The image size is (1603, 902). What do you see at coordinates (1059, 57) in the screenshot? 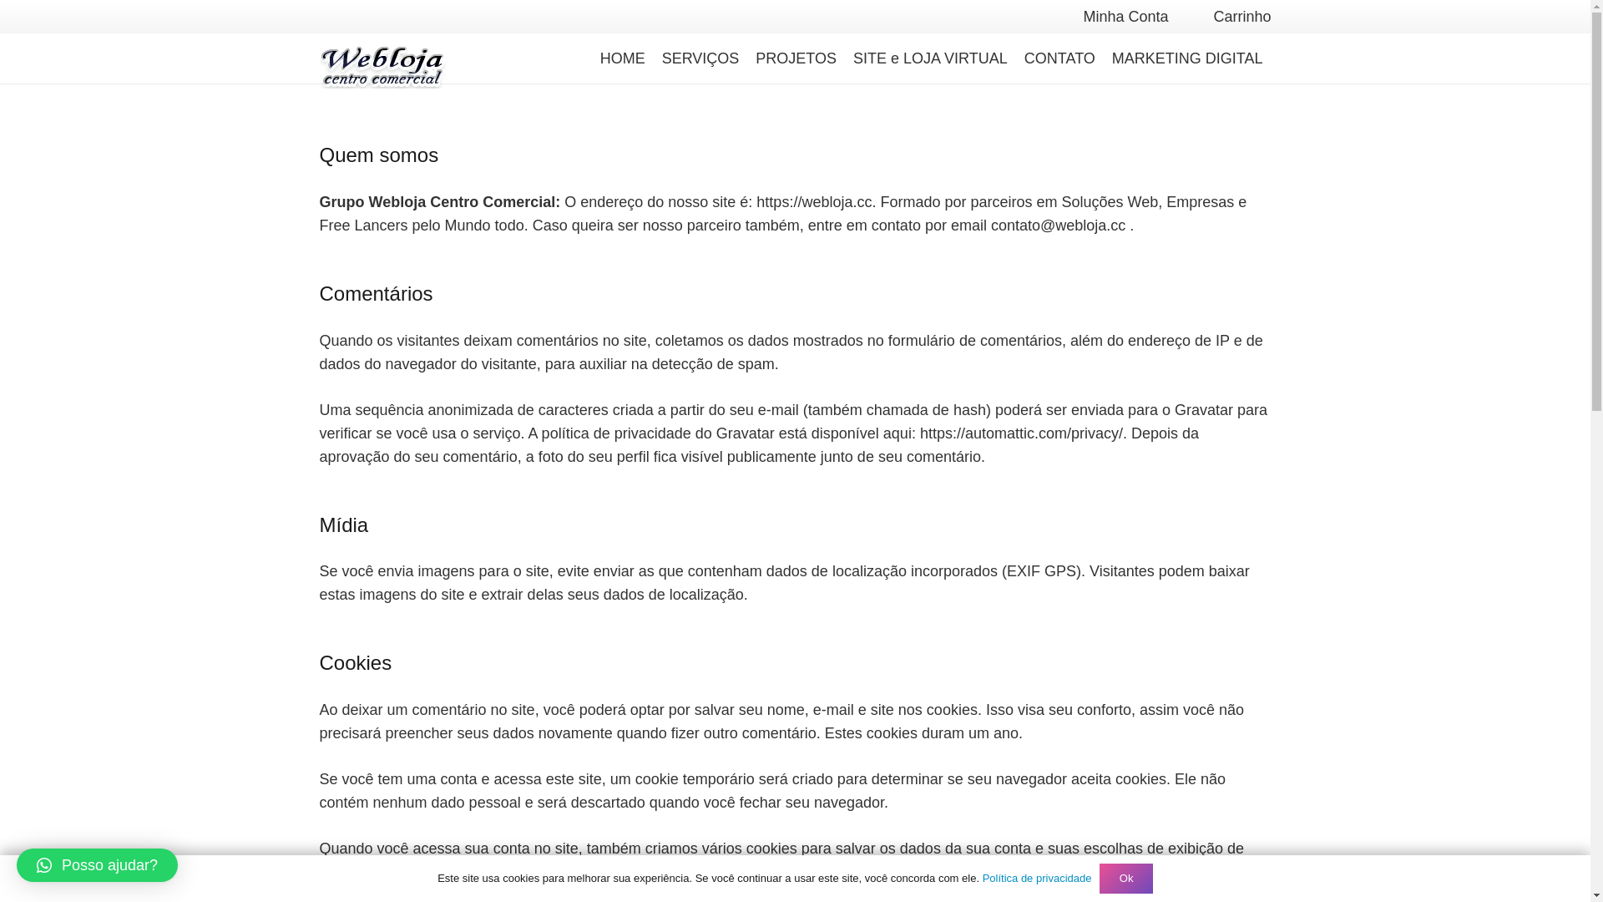
I see `'CONTATO'` at bounding box center [1059, 57].